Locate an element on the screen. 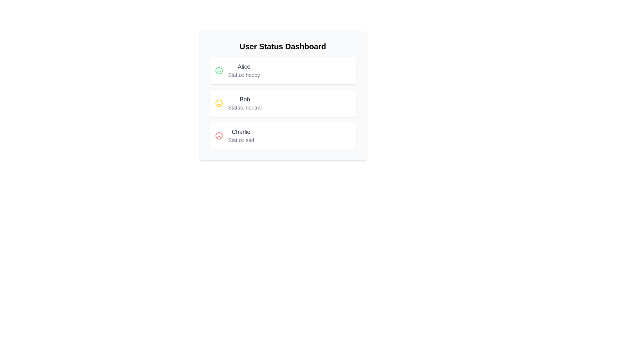 This screenshot has width=626, height=352. the Text label group displaying 'Bob' and 'Status: neutral' in the User Status Dashboard card is located at coordinates (245, 103).